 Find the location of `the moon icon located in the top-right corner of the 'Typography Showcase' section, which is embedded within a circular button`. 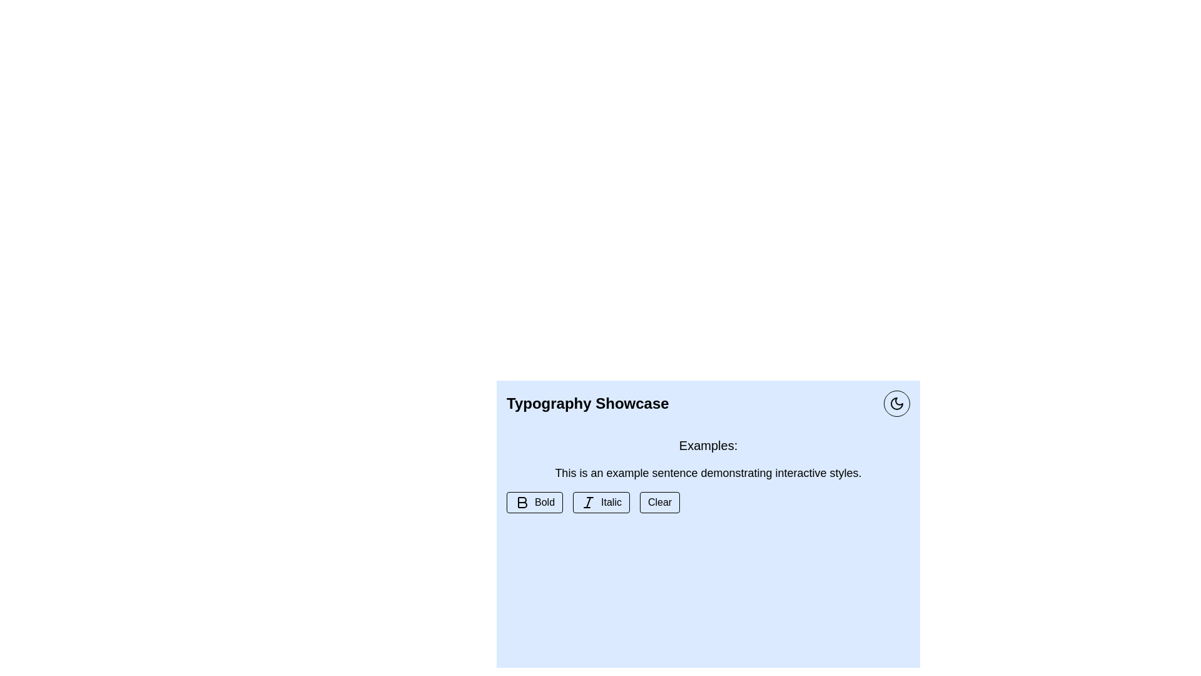

the moon icon located in the top-right corner of the 'Typography Showcase' section, which is embedded within a circular button is located at coordinates (896, 403).